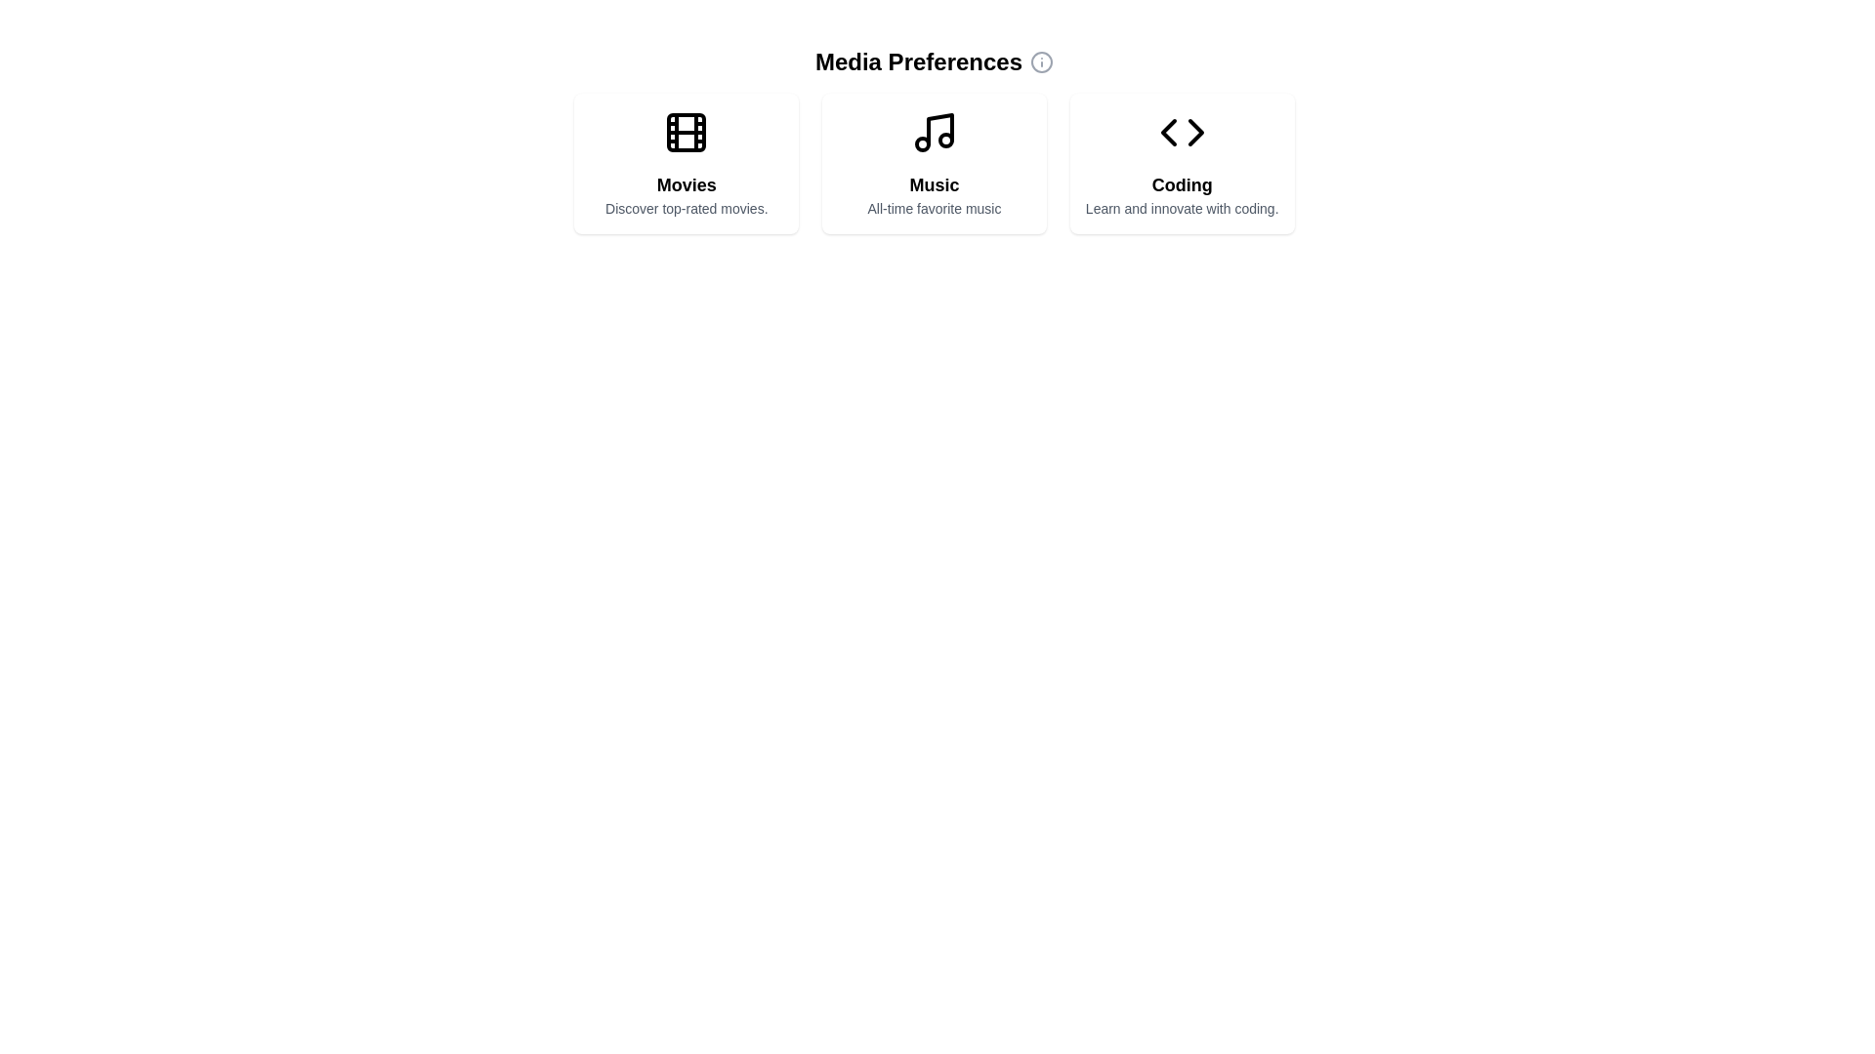 This screenshot has width=1875, height=1054. Describe the element at coordinates (917, 61) in the screenshot. I see `text displayed in the prominent 'Media Preferences' label located at the top-center of the section` at that location.